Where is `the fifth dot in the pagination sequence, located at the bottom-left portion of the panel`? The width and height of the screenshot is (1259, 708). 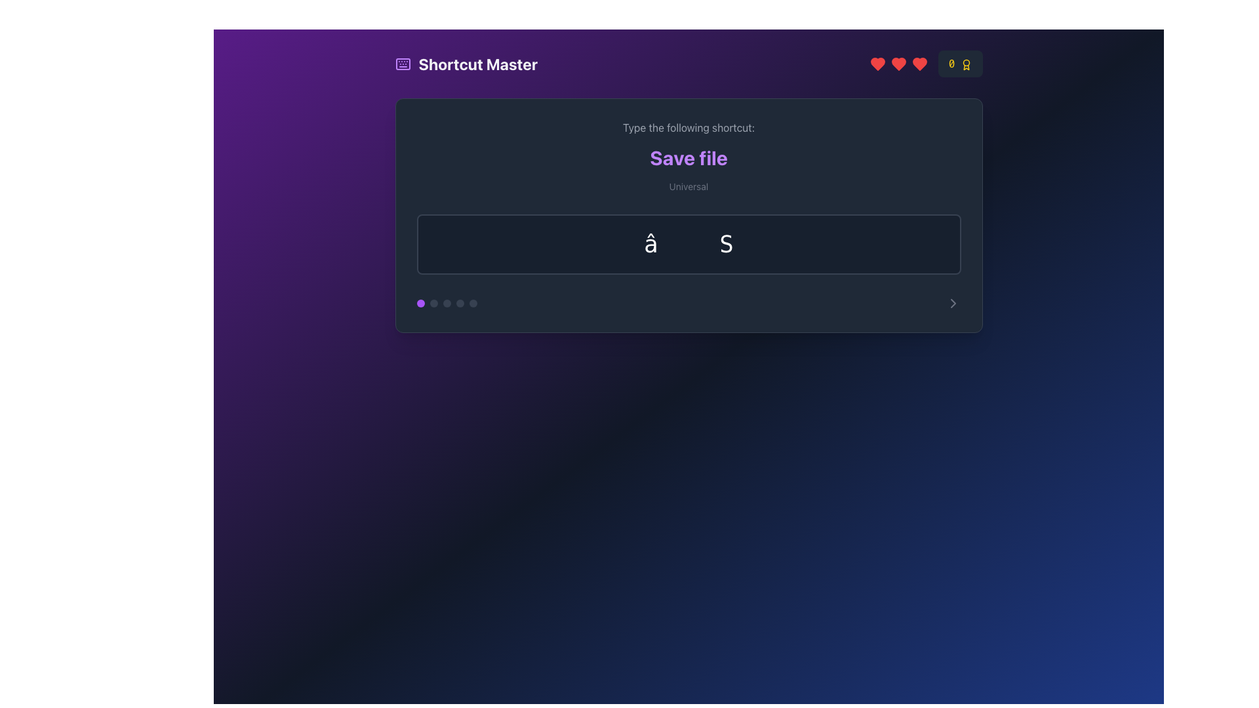 the fifth dot in the pagination sequence, located at the bottom-left portion of the panel is located at coordinates (472, 303).